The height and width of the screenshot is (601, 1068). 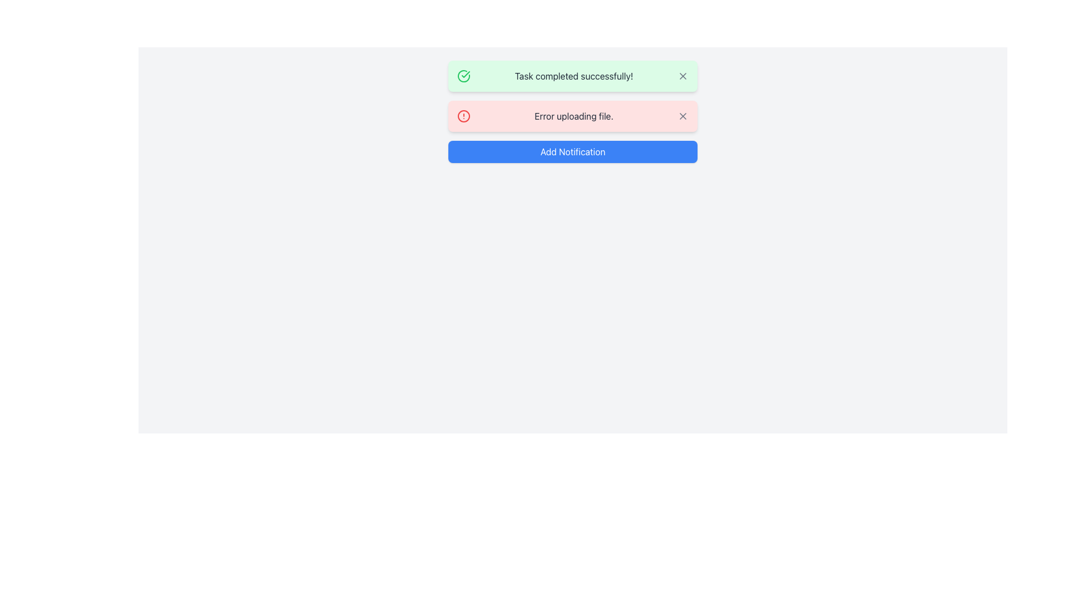 I want to click on the 'Add Notification' button with a blue background and white text, located at the center of the button coordinates, so click(x=573, y=152).